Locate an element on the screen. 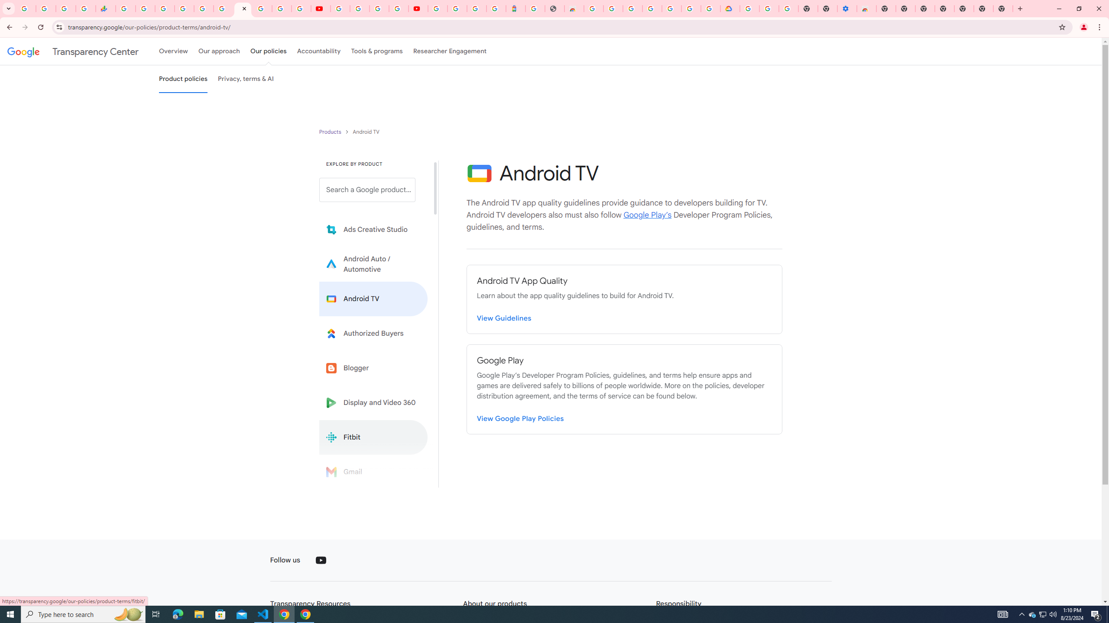  'Tools & programs' is located at coordinates (376, 51).